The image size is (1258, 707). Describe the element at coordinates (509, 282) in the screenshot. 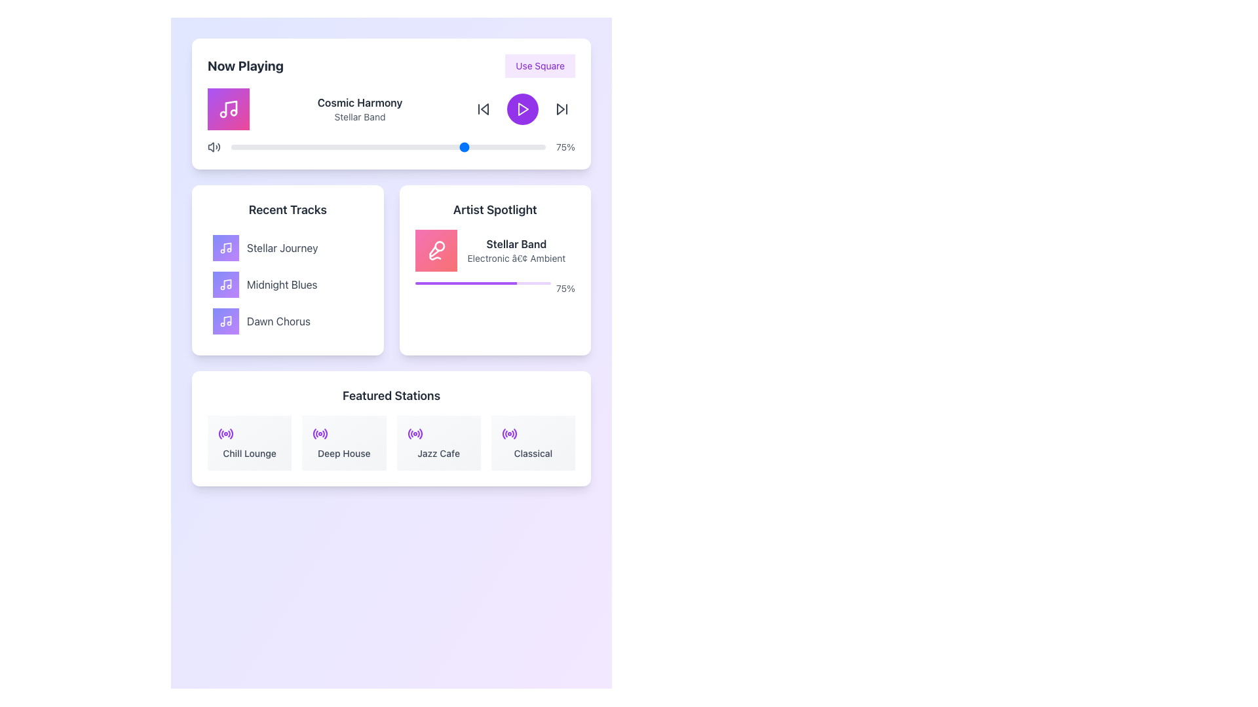

I see `progress` at that location.